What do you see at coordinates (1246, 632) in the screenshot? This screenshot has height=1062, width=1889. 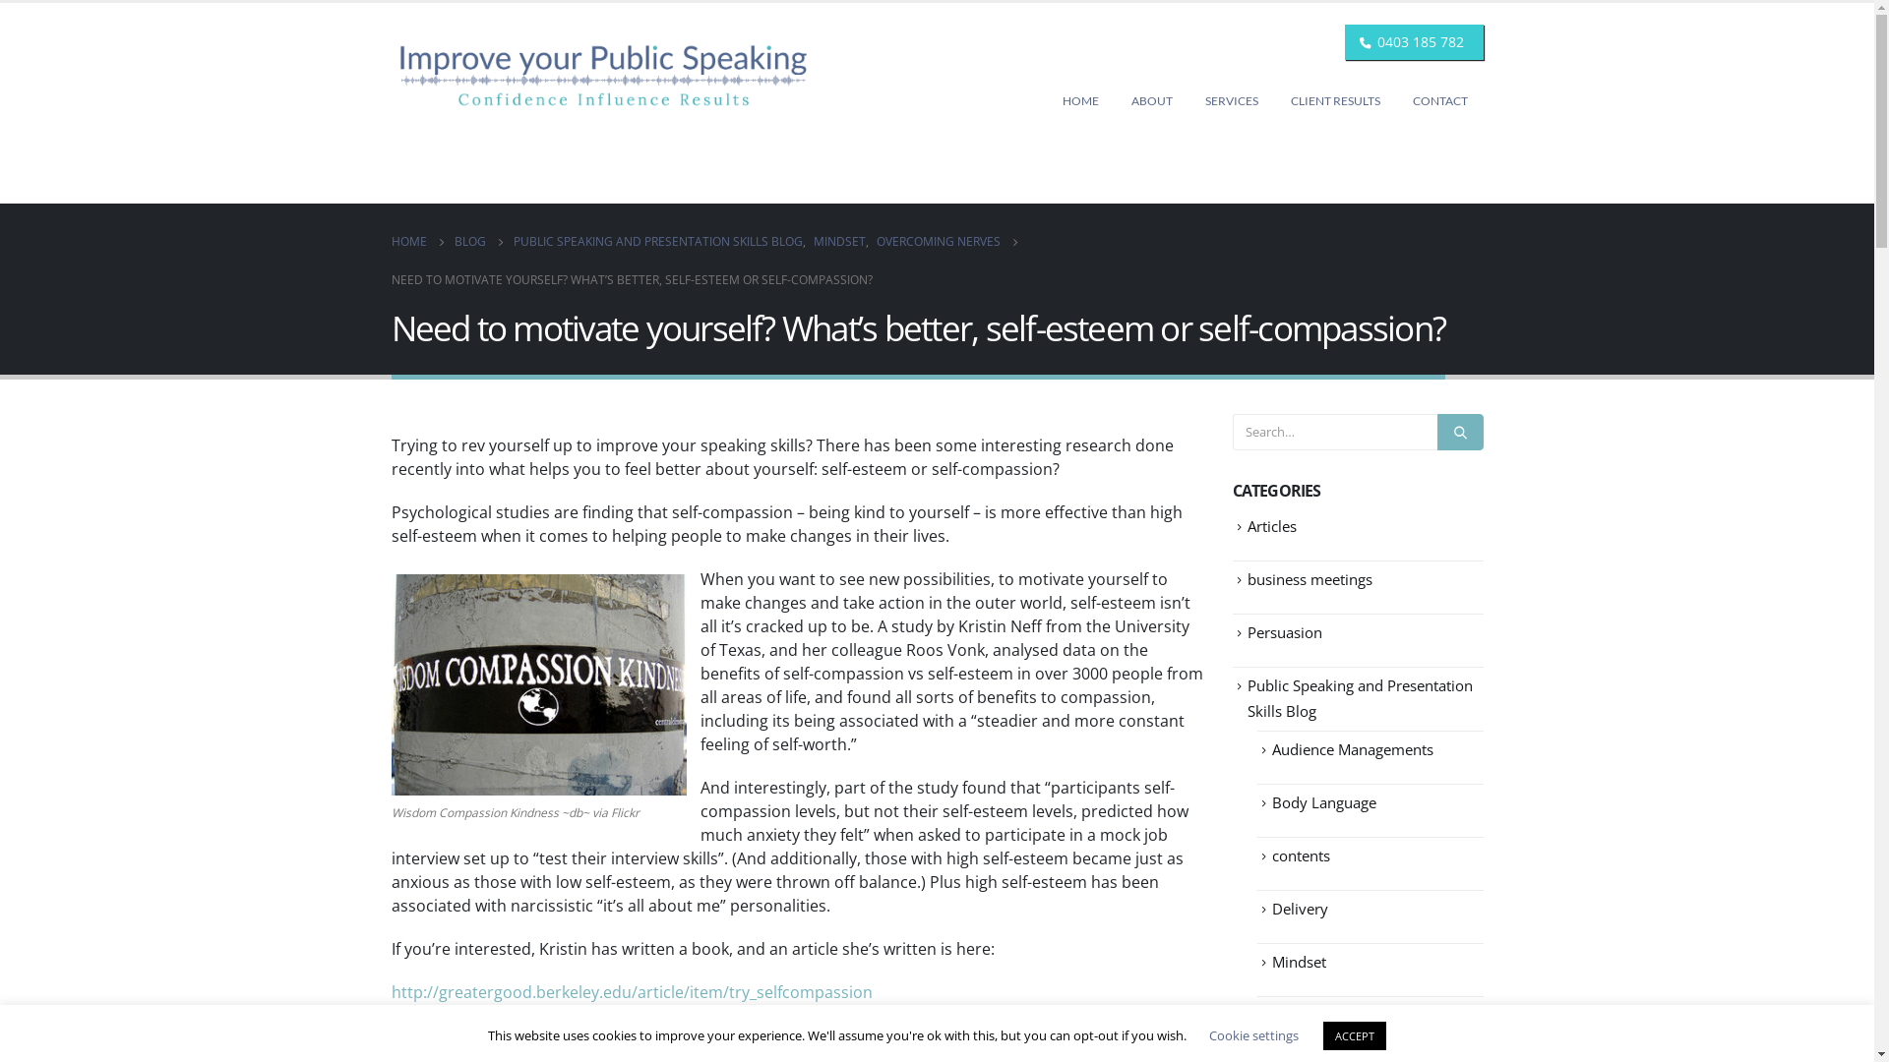 I see `'Persuasion'` at bounding box center [1246, 632].